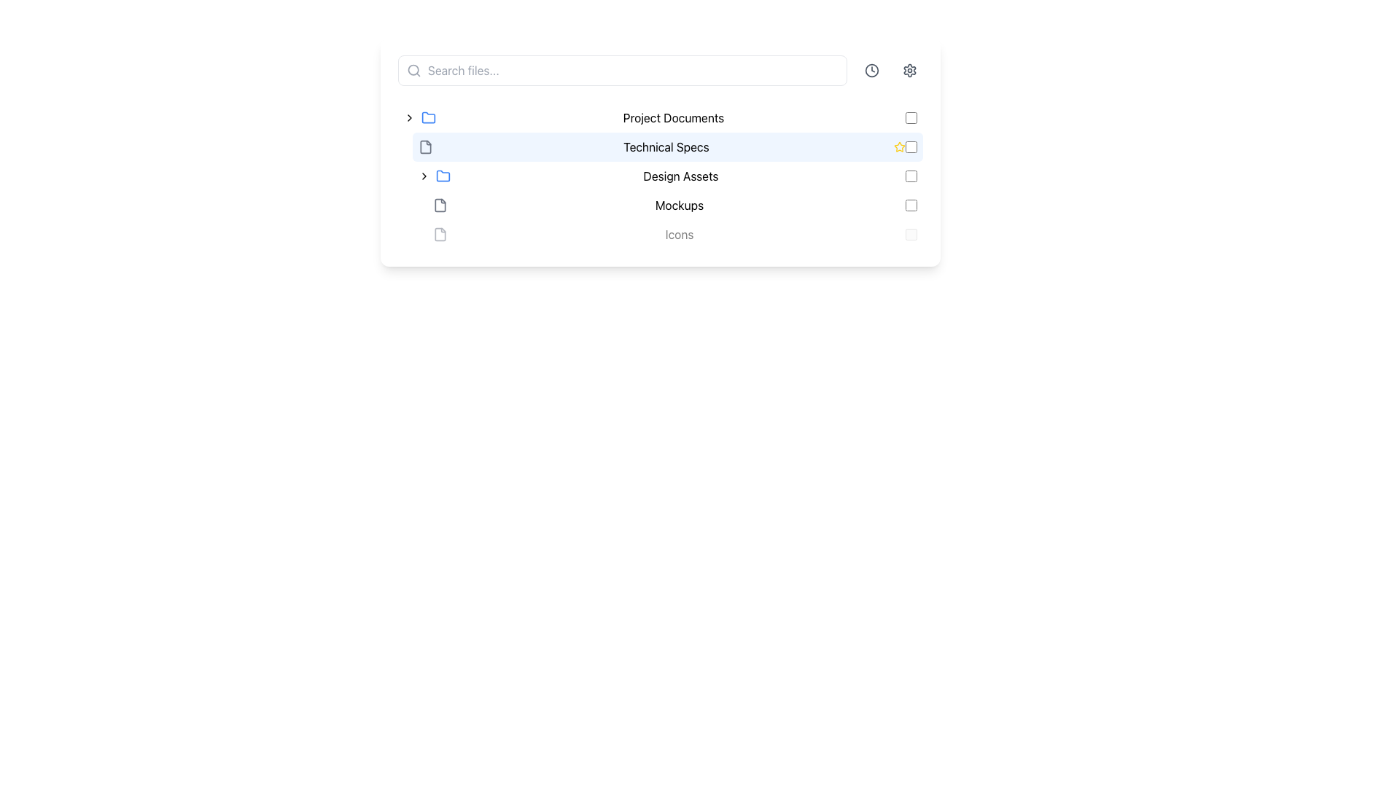 The width and height of the screenshot is (1400, 787). I want to click on over the 'Technical Specs' checkbox, so click(910, 146).